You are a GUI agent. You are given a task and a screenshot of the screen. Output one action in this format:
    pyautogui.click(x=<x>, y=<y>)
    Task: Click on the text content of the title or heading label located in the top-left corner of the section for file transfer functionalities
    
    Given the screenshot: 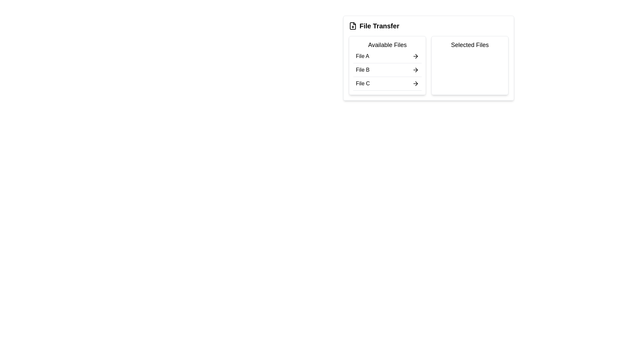 What is the action you would take?
    pyautogui.click(x=379, y=25)
    